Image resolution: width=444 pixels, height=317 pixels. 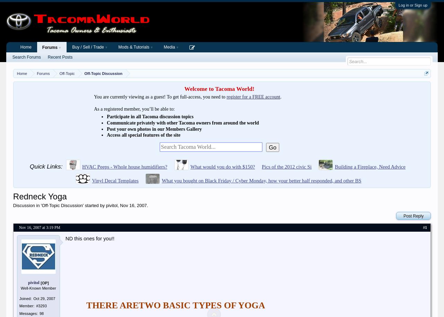 What do you see at coordinates (93, 109) in the screenshot?
I see `'As a registered member, you’ll be able to:'` at bounding box center [93, 109].